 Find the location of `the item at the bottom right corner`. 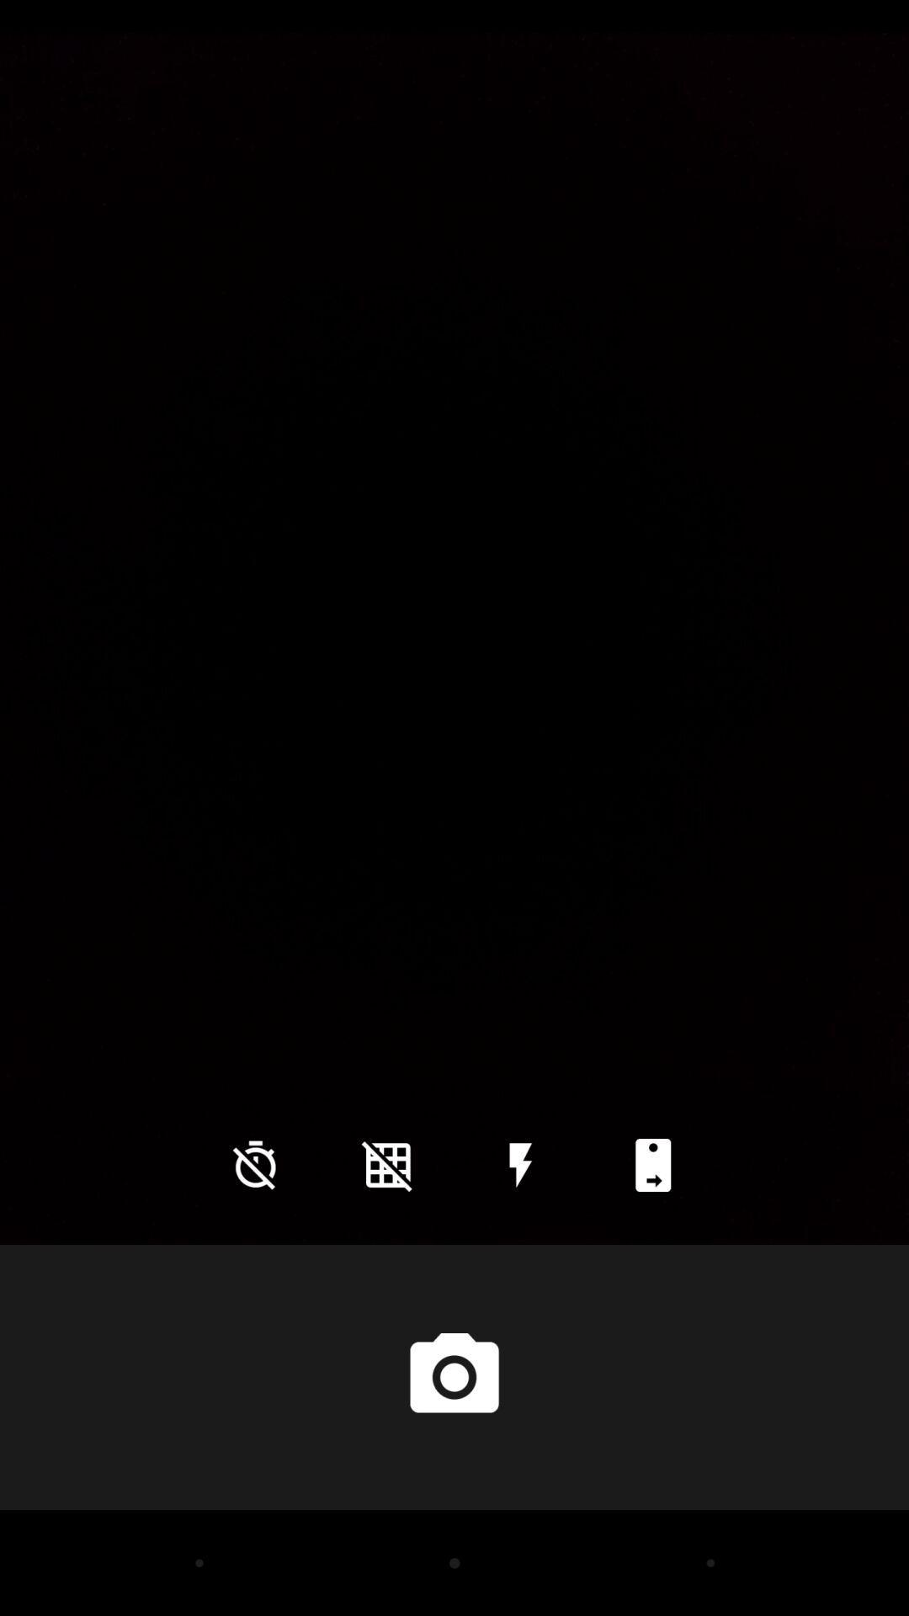

the item at the bottom right corner is located at coordinates (652, 1164).